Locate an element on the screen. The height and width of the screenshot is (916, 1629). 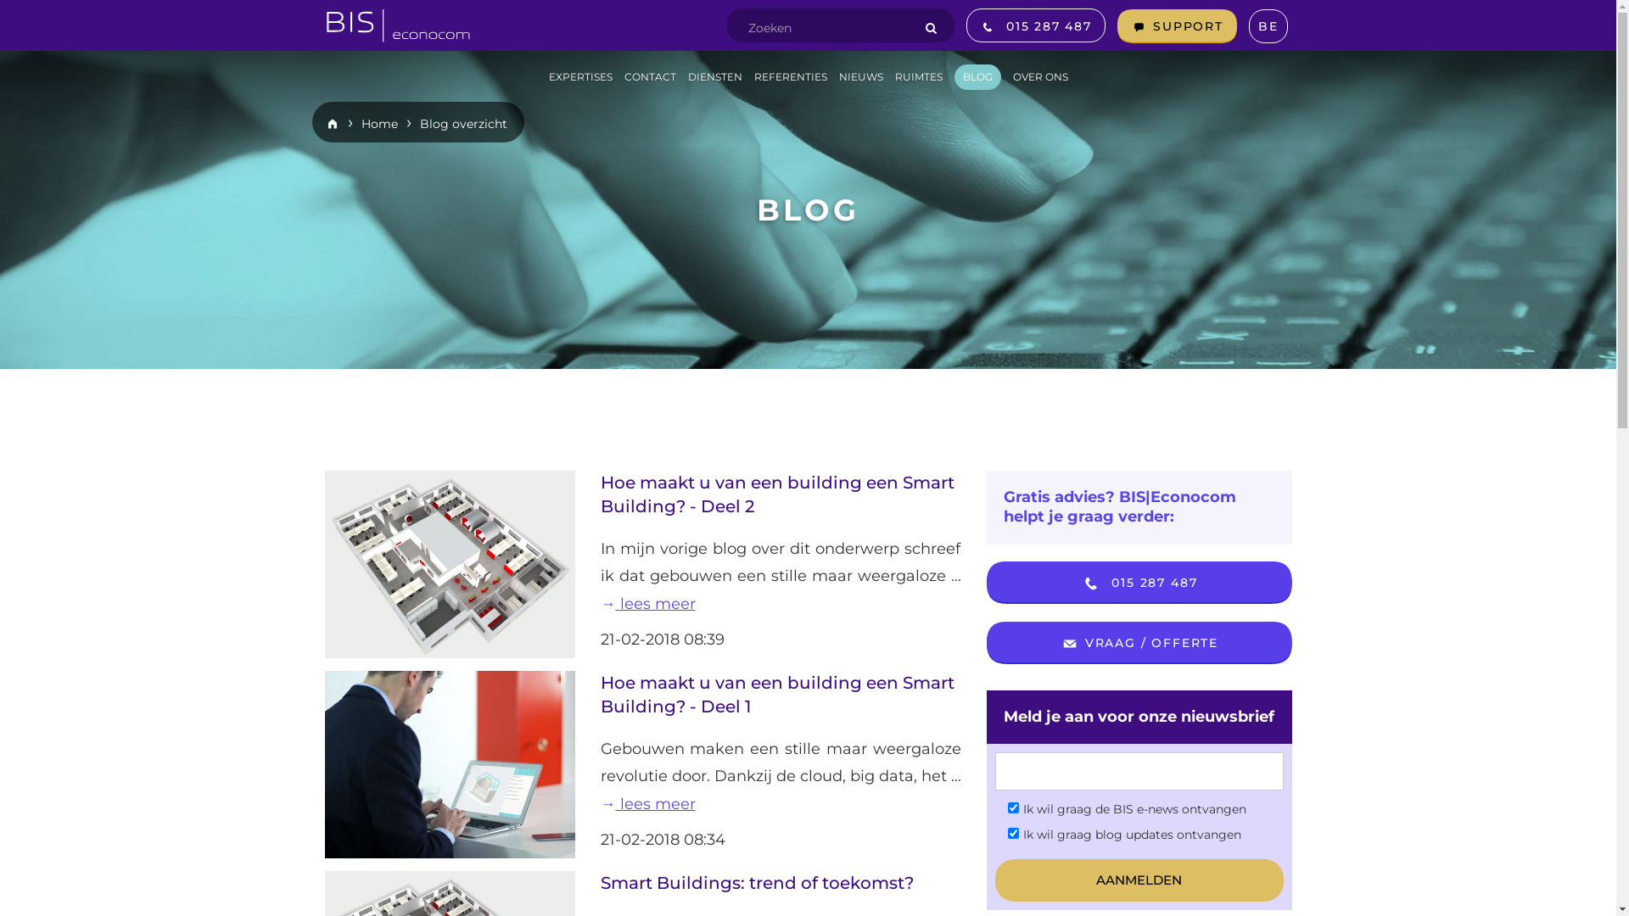
'aanmelden' is located at coordinates (1139, 879).